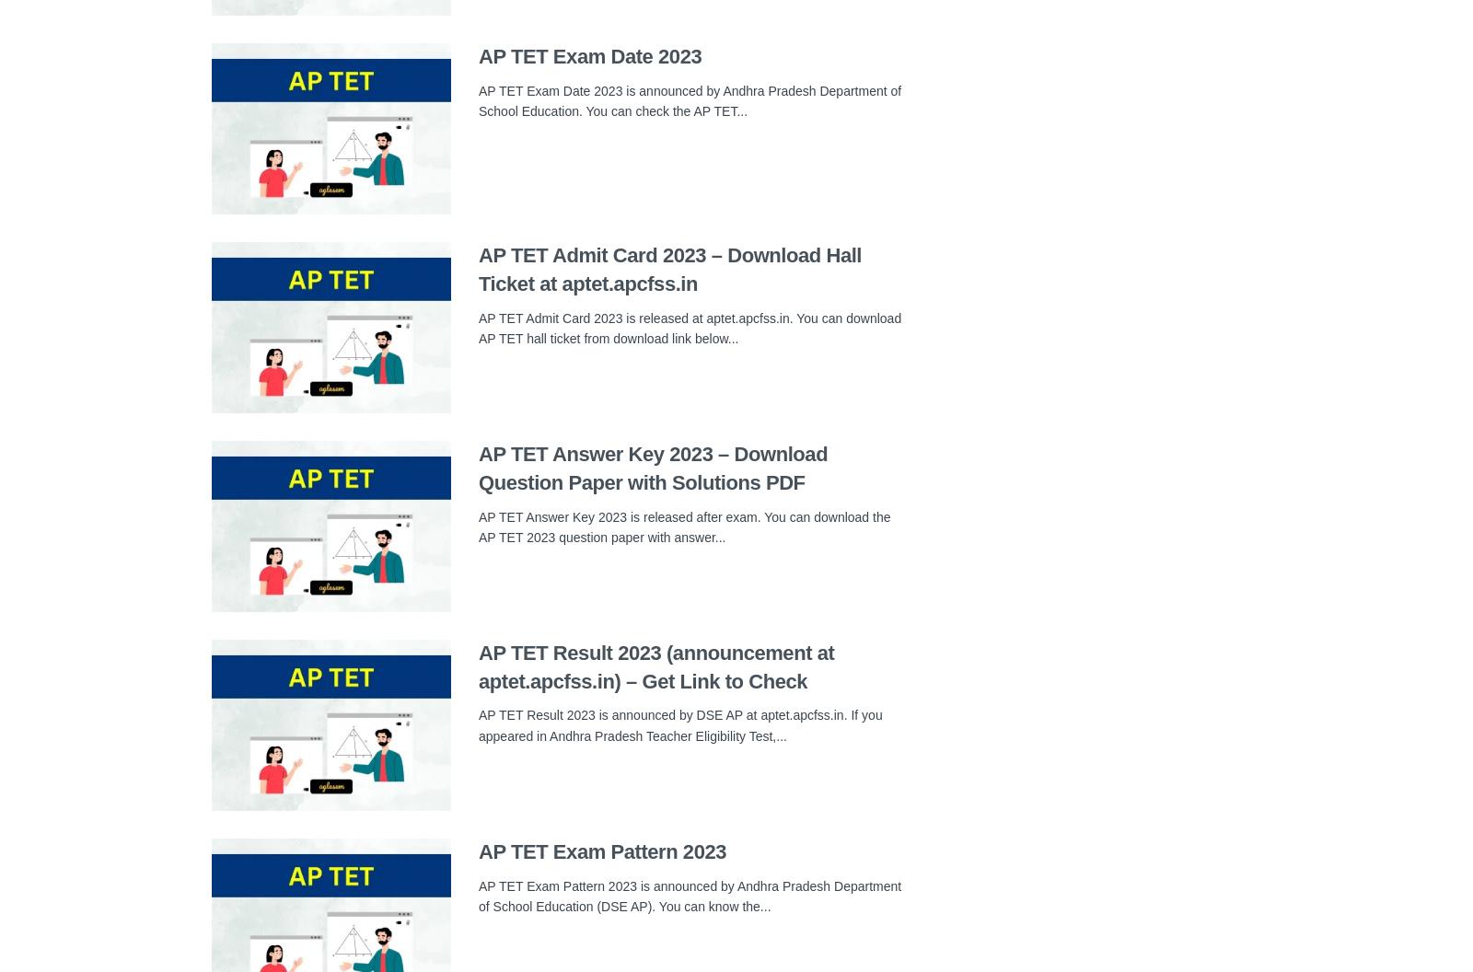  Describe the element at coordinates (690, 895) in the screenshot. I see `'AP TET Exam Pattern 2023 is announced by Andhra Pradesh Department of School Education (DSE AP). You can know the...'` at that location.